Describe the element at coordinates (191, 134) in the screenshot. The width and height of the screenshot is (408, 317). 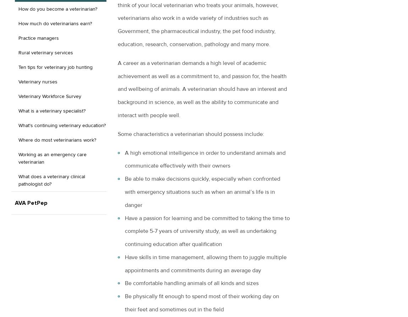
I see `'Some characteristics a veterinarian should possess include:'` at that location.